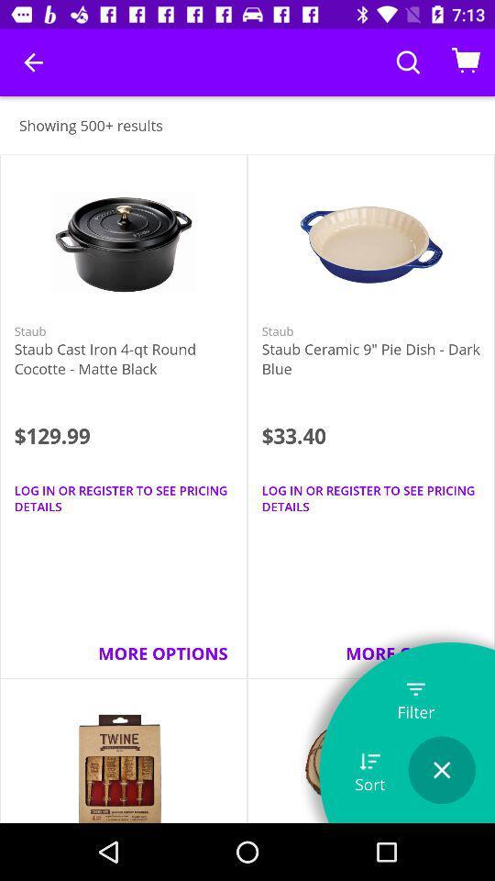  I want to click on the icon below the filter item, so click(441, 770).